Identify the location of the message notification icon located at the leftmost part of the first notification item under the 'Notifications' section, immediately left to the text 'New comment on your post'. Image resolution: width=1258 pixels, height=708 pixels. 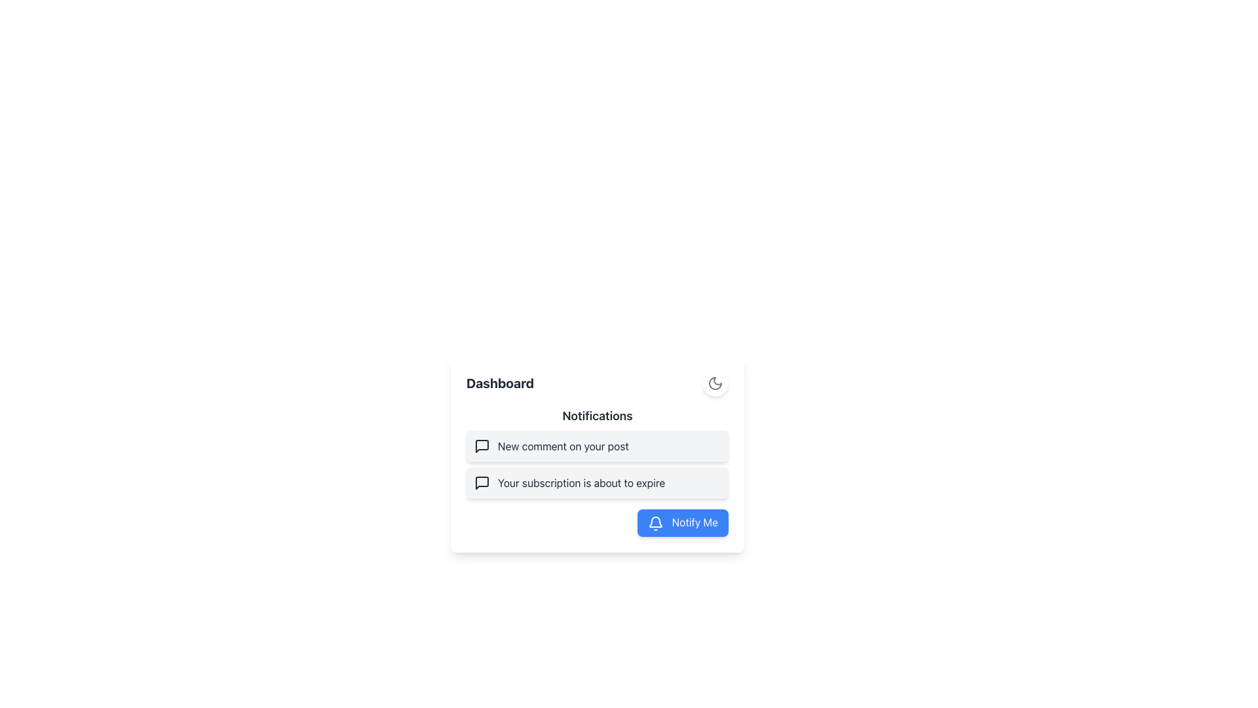
(481, 446).